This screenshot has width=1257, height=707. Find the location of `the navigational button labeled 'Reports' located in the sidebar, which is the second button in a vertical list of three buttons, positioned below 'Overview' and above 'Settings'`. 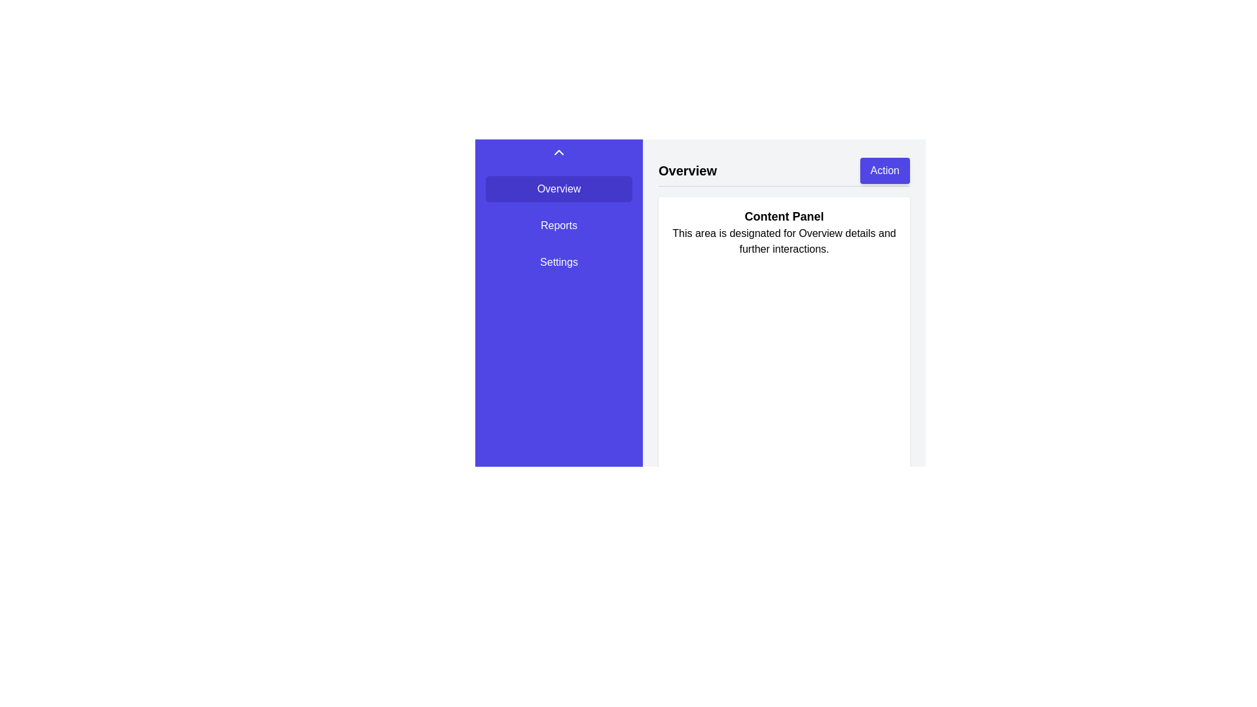

the navigational button labeled 'Reports' located in the sidebar, which is the second button in a vertical list of three buttons, positioned below 'Overview' and above 'Settings' is located at coordinates (559, 225).